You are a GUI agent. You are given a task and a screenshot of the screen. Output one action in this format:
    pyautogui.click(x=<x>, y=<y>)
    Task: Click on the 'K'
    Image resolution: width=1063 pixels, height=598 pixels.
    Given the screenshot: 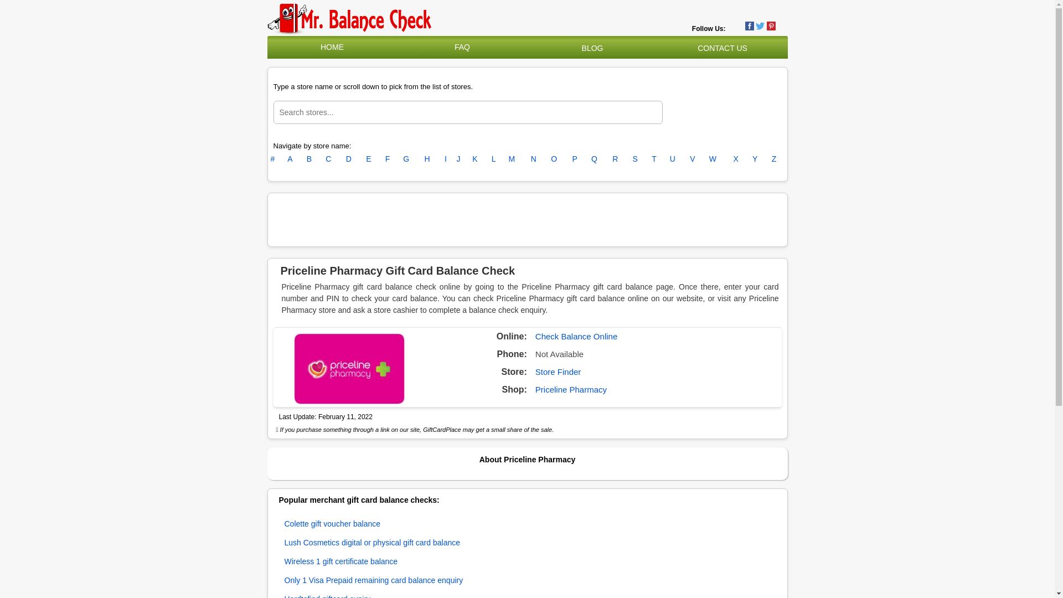 What is the action you would take?
    pyautogui.click(x=474, y=158)
    